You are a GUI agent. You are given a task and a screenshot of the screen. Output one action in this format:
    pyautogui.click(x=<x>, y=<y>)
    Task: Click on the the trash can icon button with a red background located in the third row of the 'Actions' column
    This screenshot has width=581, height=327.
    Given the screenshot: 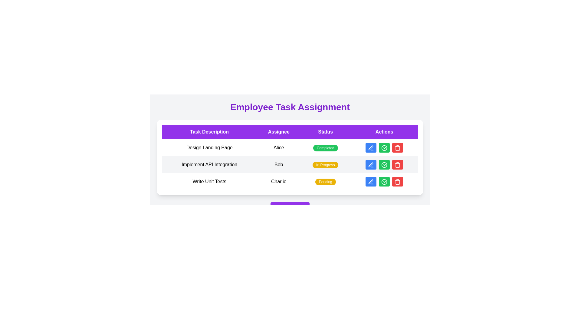 What is the action you would take?
    pyautogui.click(x=398, y=148)
    